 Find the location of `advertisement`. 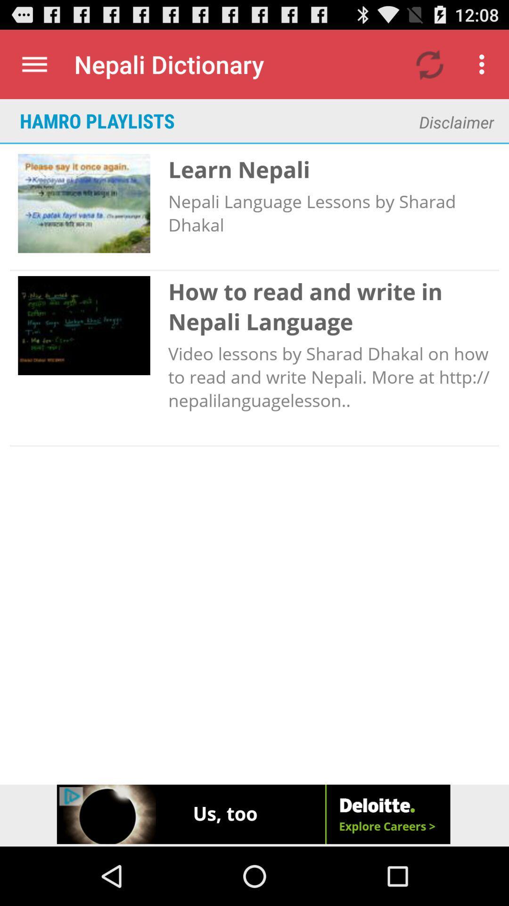

advertisement is located at coordinates (254, 815).